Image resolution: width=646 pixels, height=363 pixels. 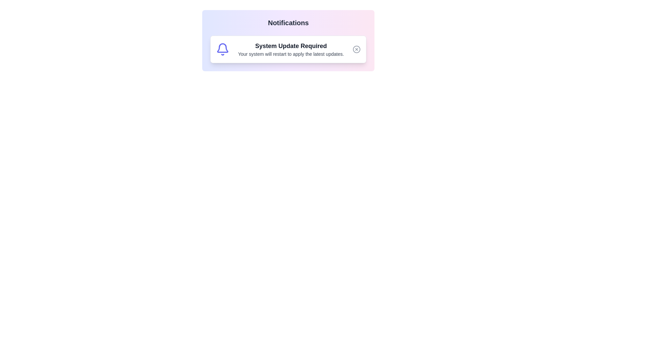 I want to click on the text block displaying 'System Update Required' and 'Your system will restart to apply the latest updates' within the notification card, so click(x=291, y=49).